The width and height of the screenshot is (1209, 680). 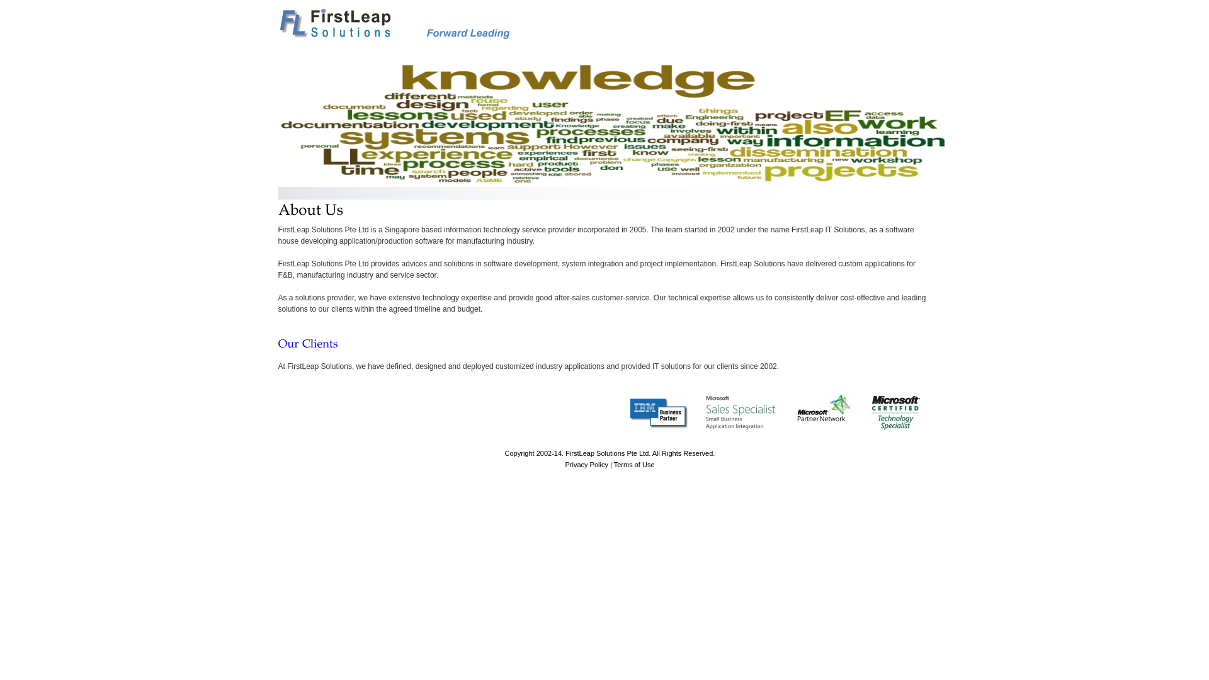 I want to click on 'Terms of Use', so click(x=634, y=464).